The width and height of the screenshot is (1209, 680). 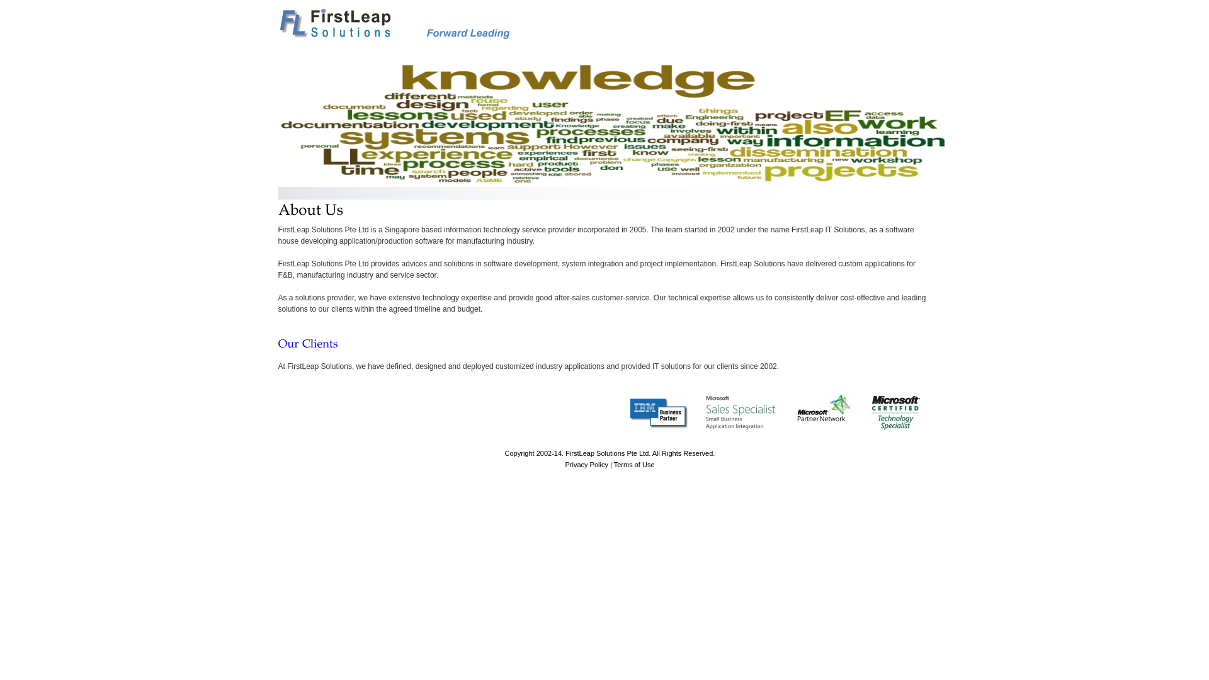 I want to click on 'Terms of Use', so click(x=634, y=464).